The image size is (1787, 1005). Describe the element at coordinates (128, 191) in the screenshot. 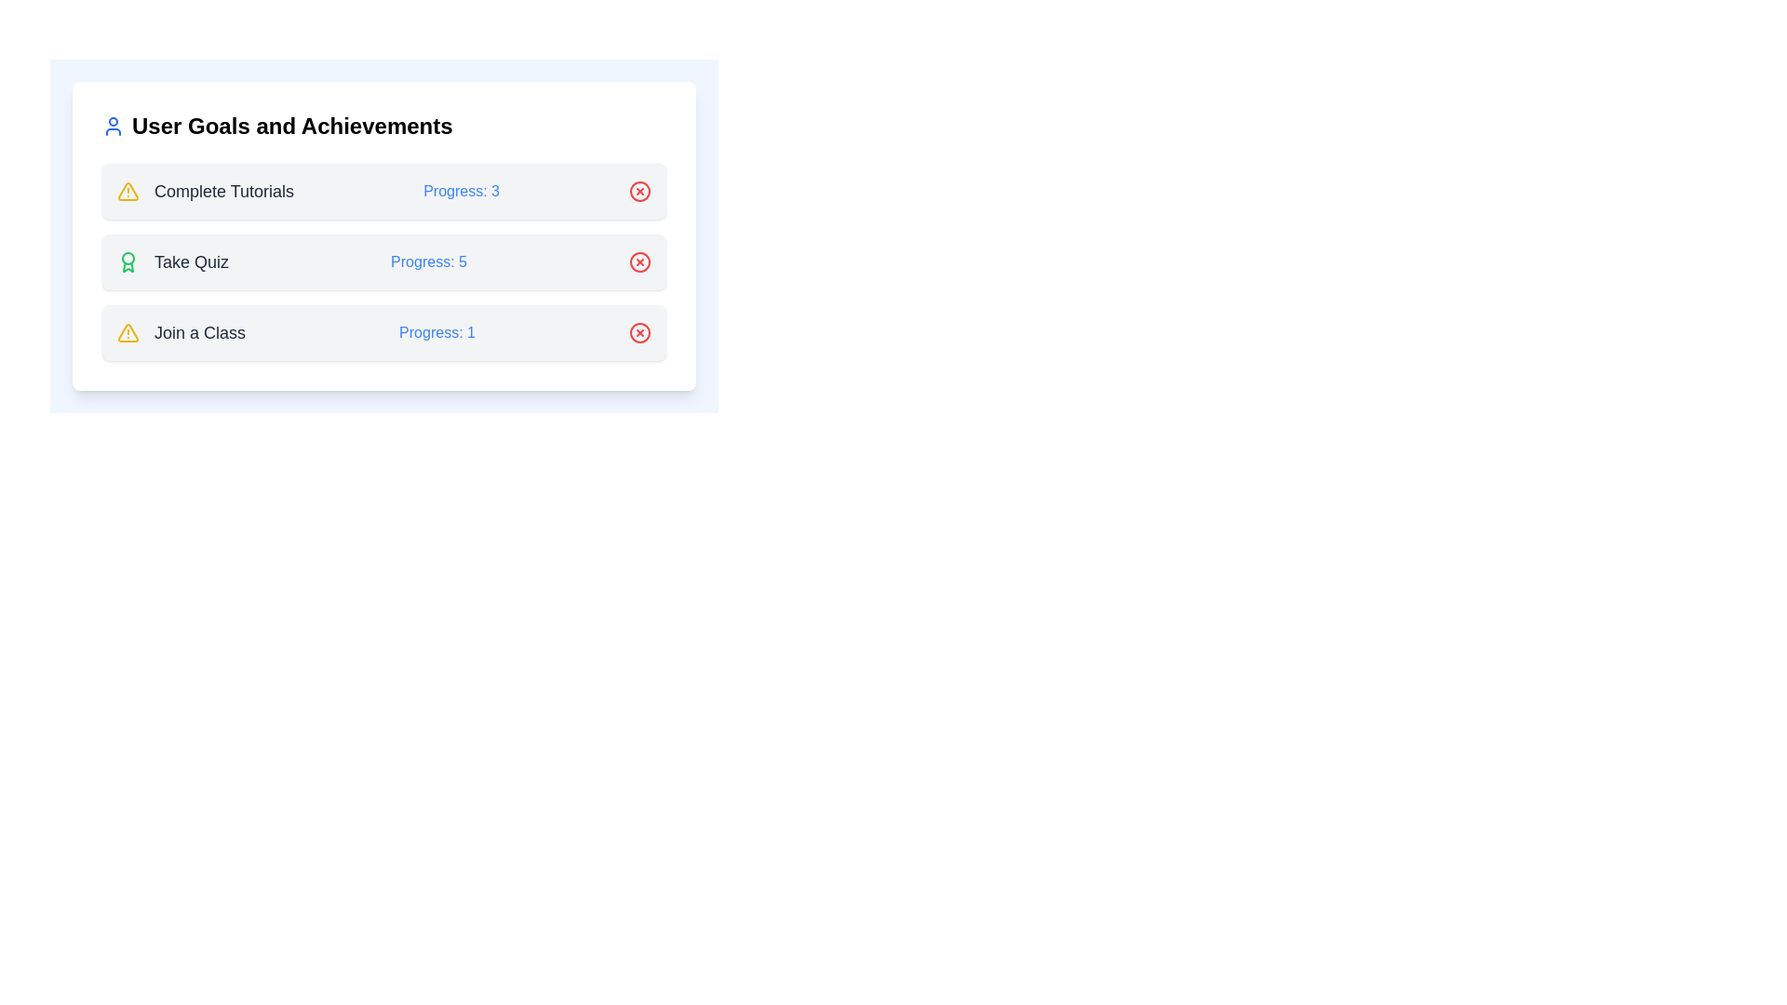

I see `the triangular yellow icon with a bold border resembling a warning or alert symbol located in the 'Join a Class' section under the 'User Goals and Achievements' header` at that location.